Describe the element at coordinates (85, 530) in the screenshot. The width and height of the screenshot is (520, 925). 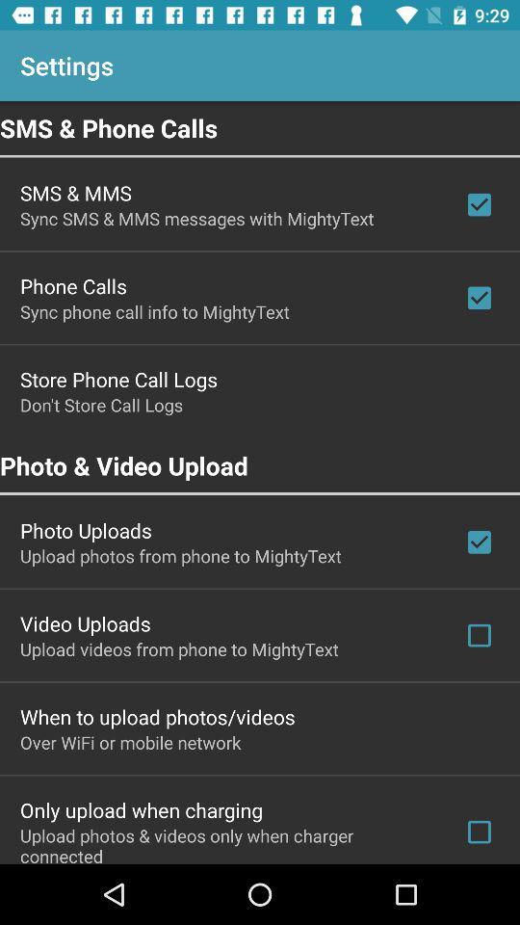
I see `photo uploads icon` at that location.